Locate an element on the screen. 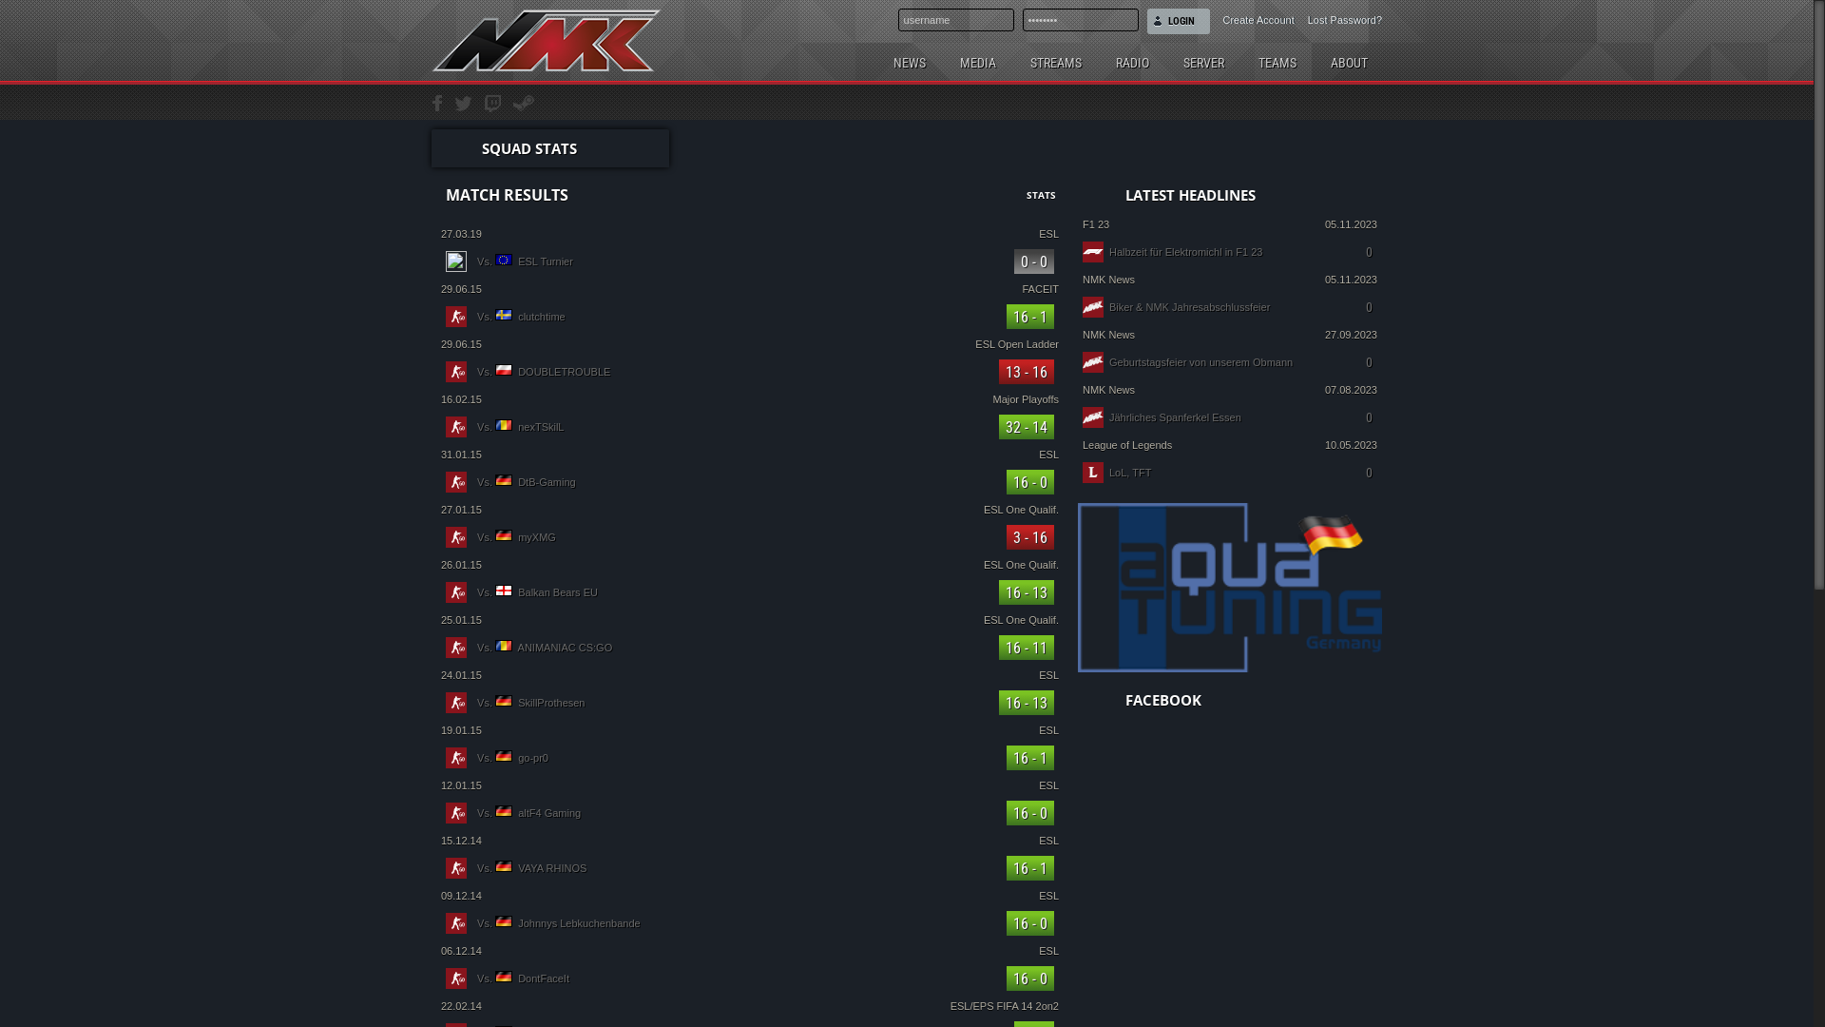 The image size is (1825, 1027). '  Vs.   DontFaceIt is located at coordinates (748, 979).